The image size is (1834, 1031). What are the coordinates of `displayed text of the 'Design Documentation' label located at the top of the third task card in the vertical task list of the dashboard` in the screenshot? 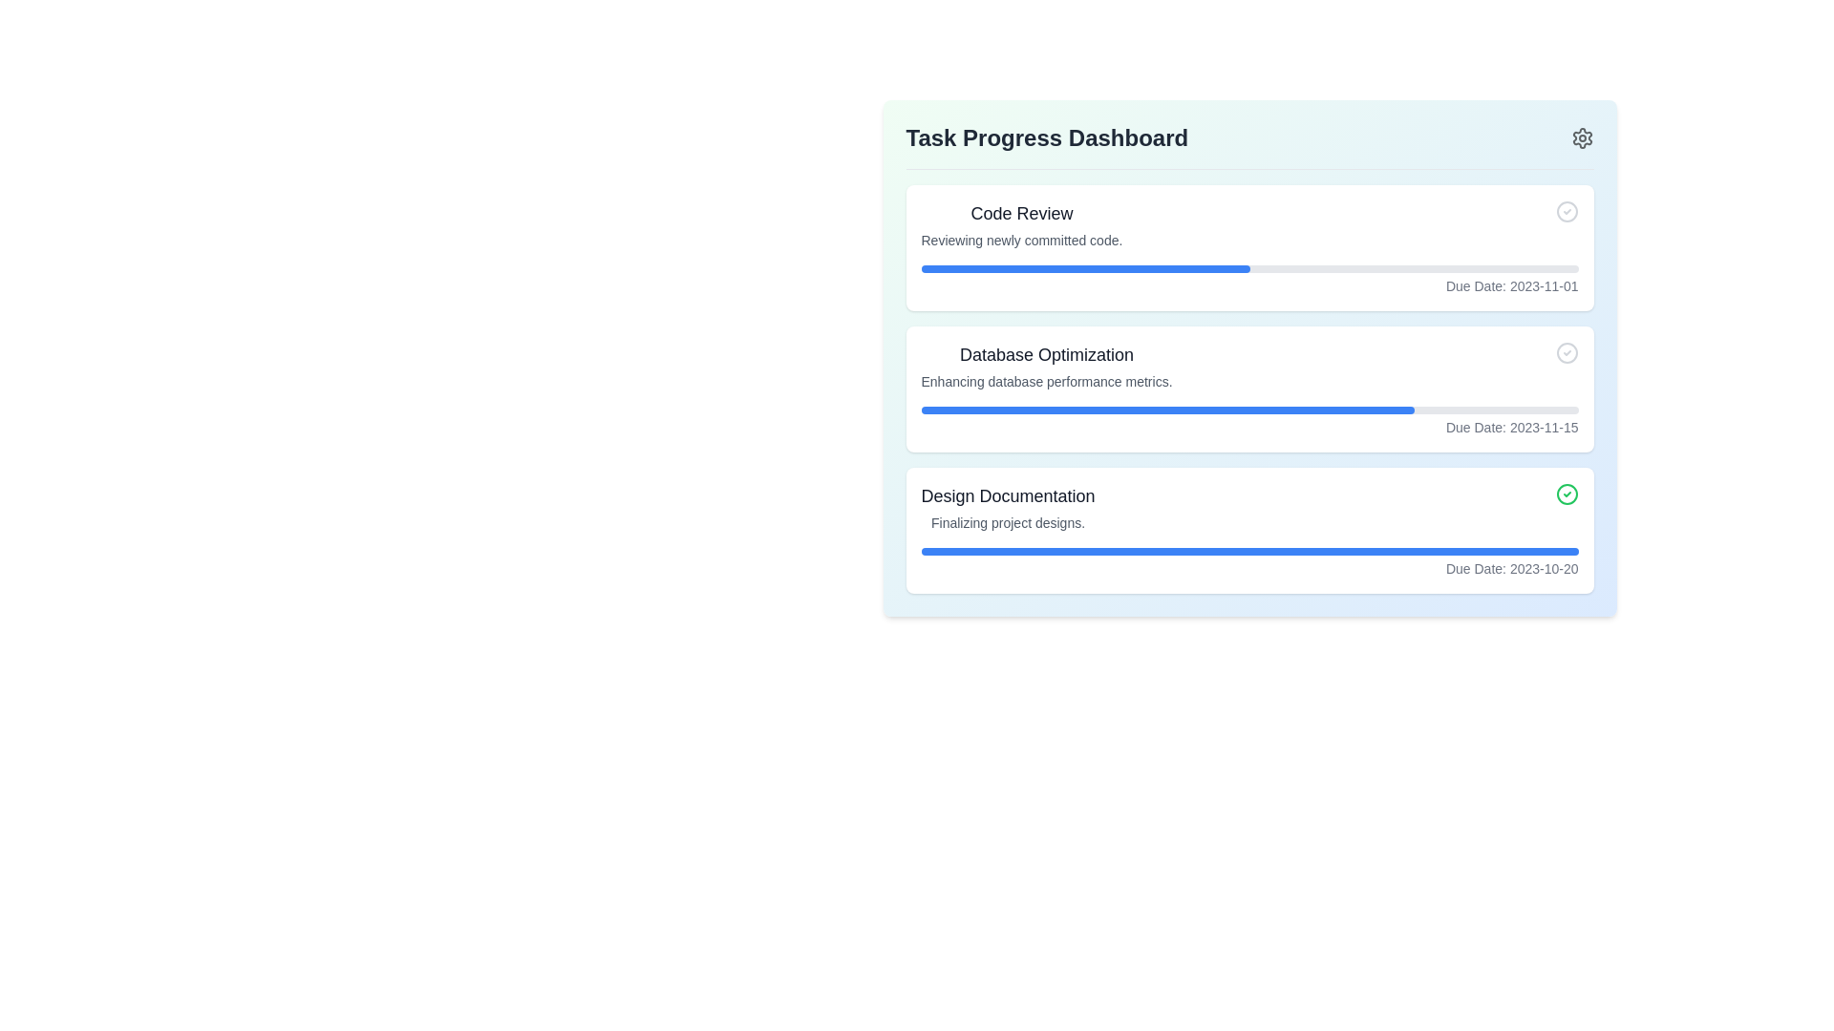 It's located at (1007, 495).